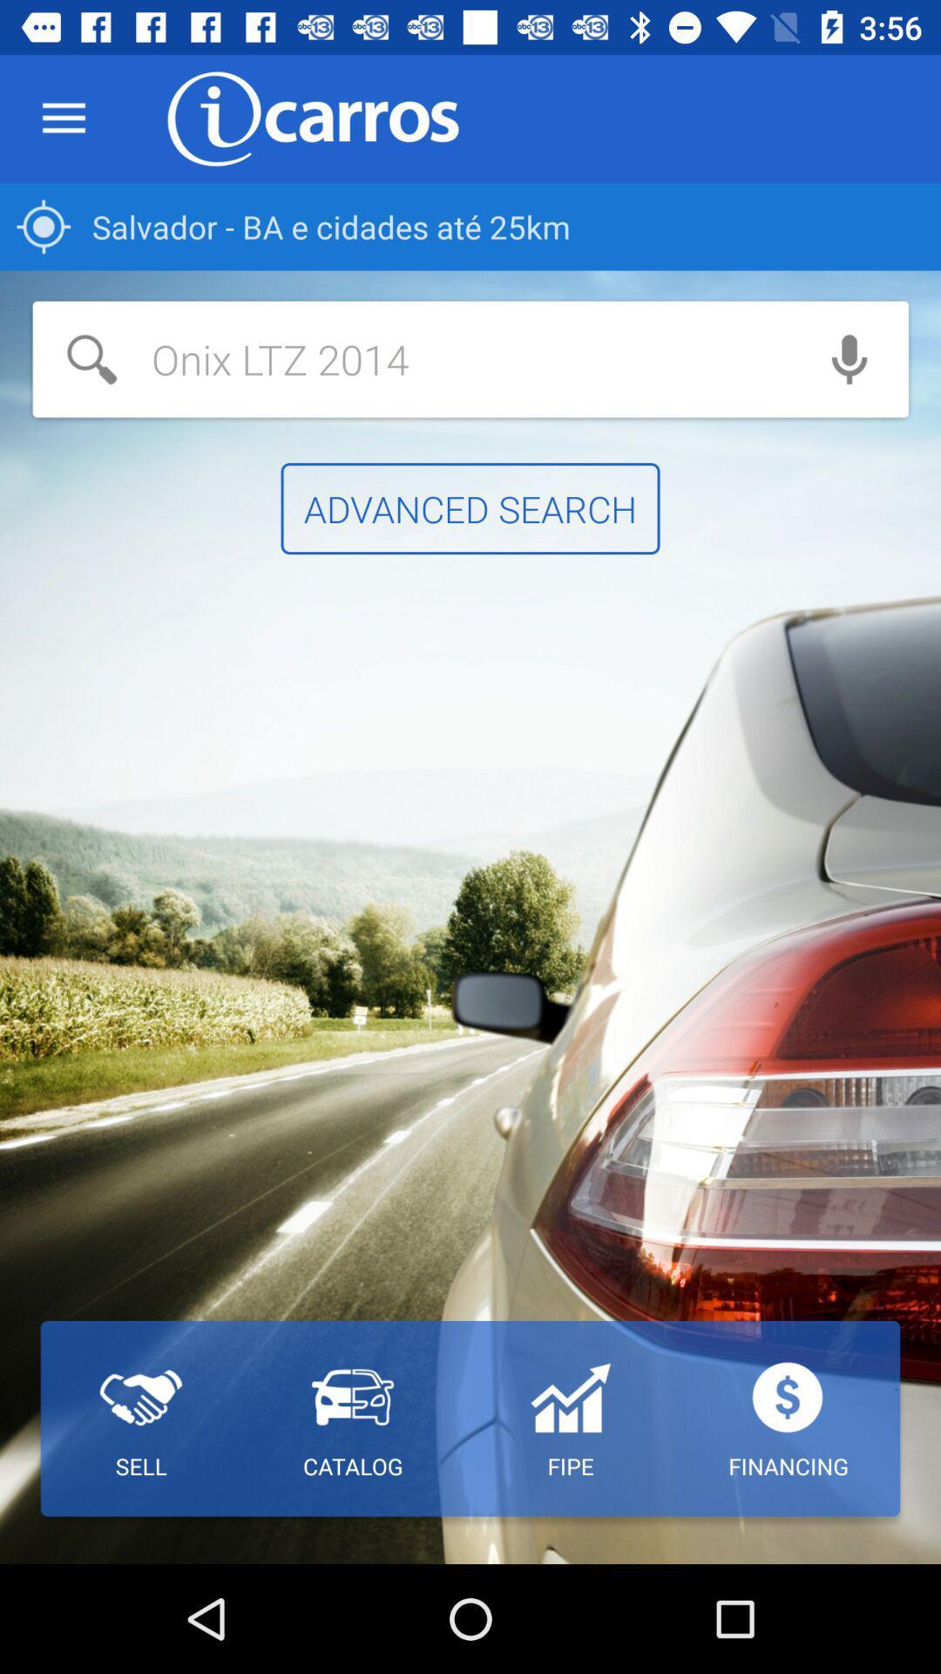 The height and width of the screenshot is (1674, 941). Describe the element at coordinates (353, 1419) in the screenshot. I see `icon to the right of the sell` at that location.